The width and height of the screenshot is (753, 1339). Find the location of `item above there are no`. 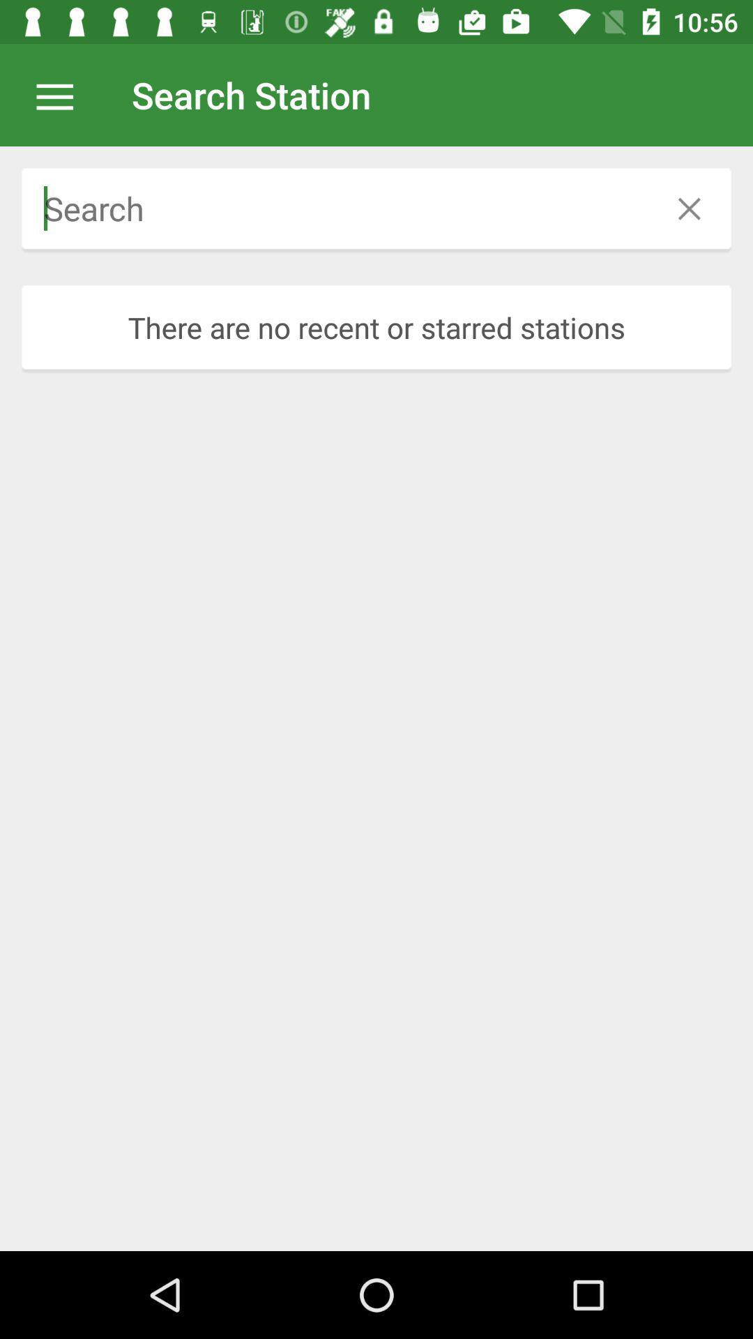

item above there are no is located at coordinates (335, 208).